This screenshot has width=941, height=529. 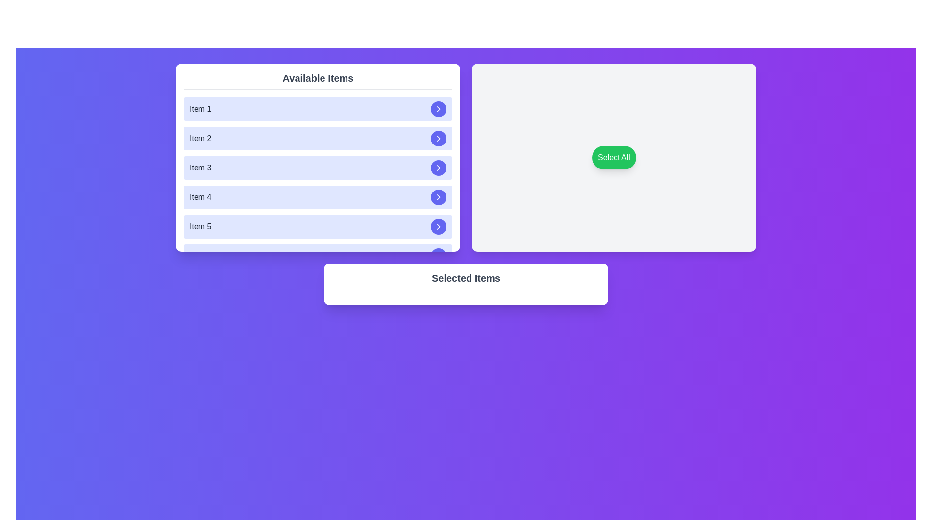 I want to click on the 'Select All' button located centrally in the right-hand section of the interface, so click(x=613, y=157).